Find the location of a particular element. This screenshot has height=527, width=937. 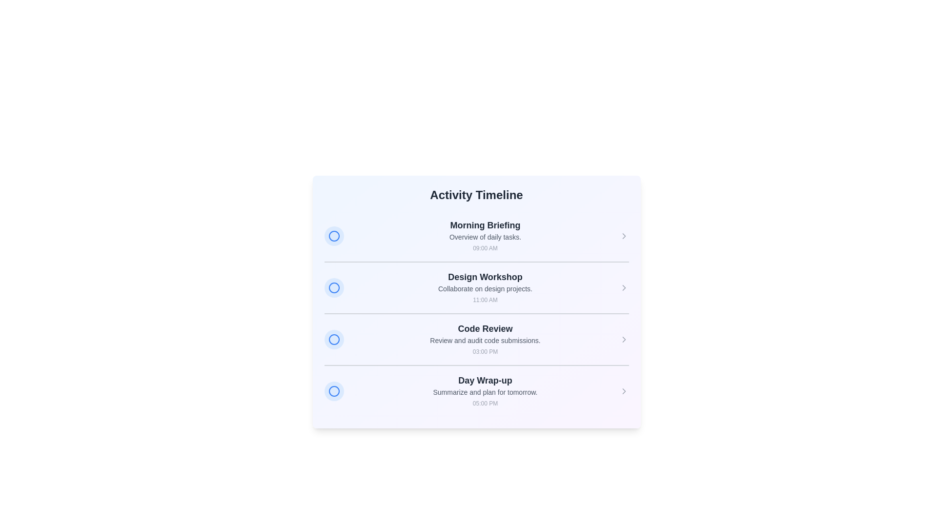

the Circular icon indicator marking the 'Design Workshop' event on the timeline is located at coordinates (334, 287).